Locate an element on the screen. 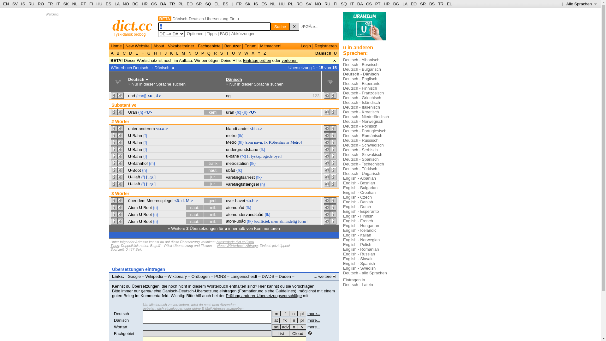  '<u.,' is located at coordinates (151, 96).